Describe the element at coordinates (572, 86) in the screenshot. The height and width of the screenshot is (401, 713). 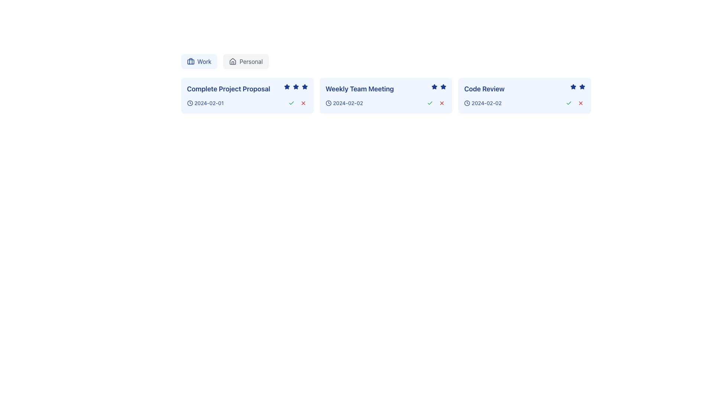
I see `the star icon button located in the top-right corner of the rightmost card, adjacent to the title 'Code Review', to mark the item as favorite` at that location.